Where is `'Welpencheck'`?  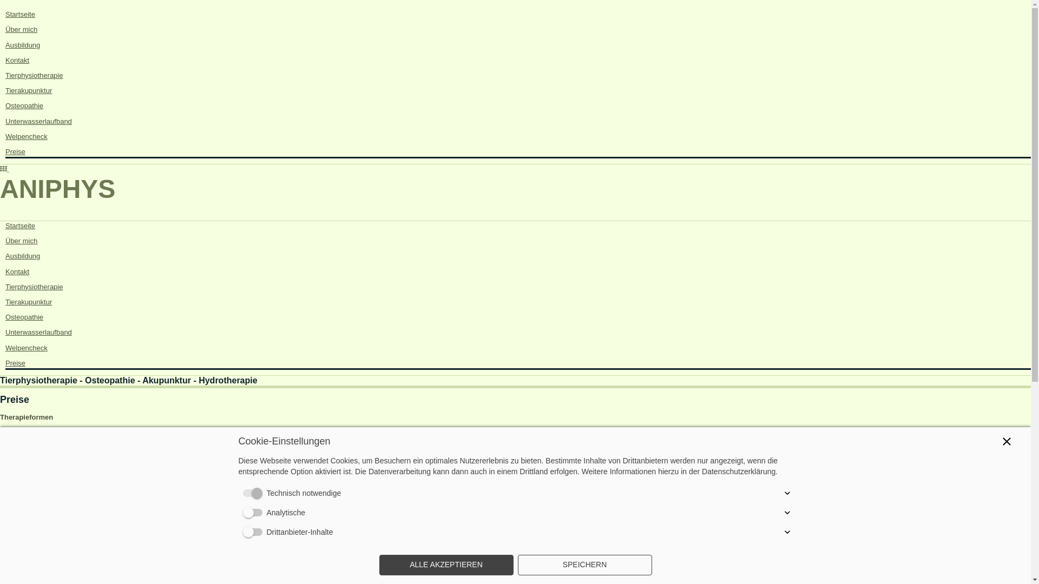 'Welpencheck' is located at coordinates (5, 348).